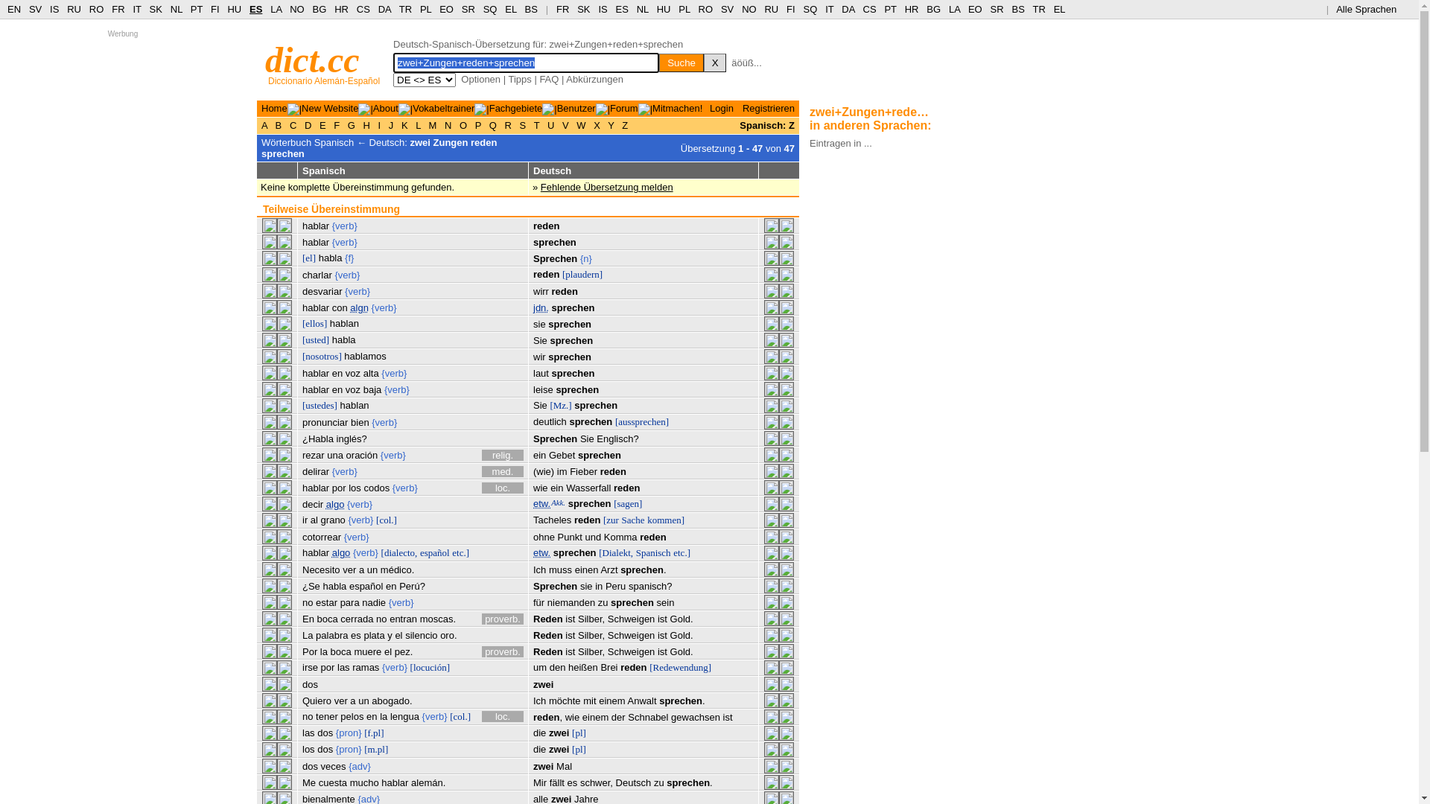 This screenshot has height=804, width=1430. Describe the element at coordinates (515, 107) in the screenshot. I see `'Fachgebiete'` at that location.